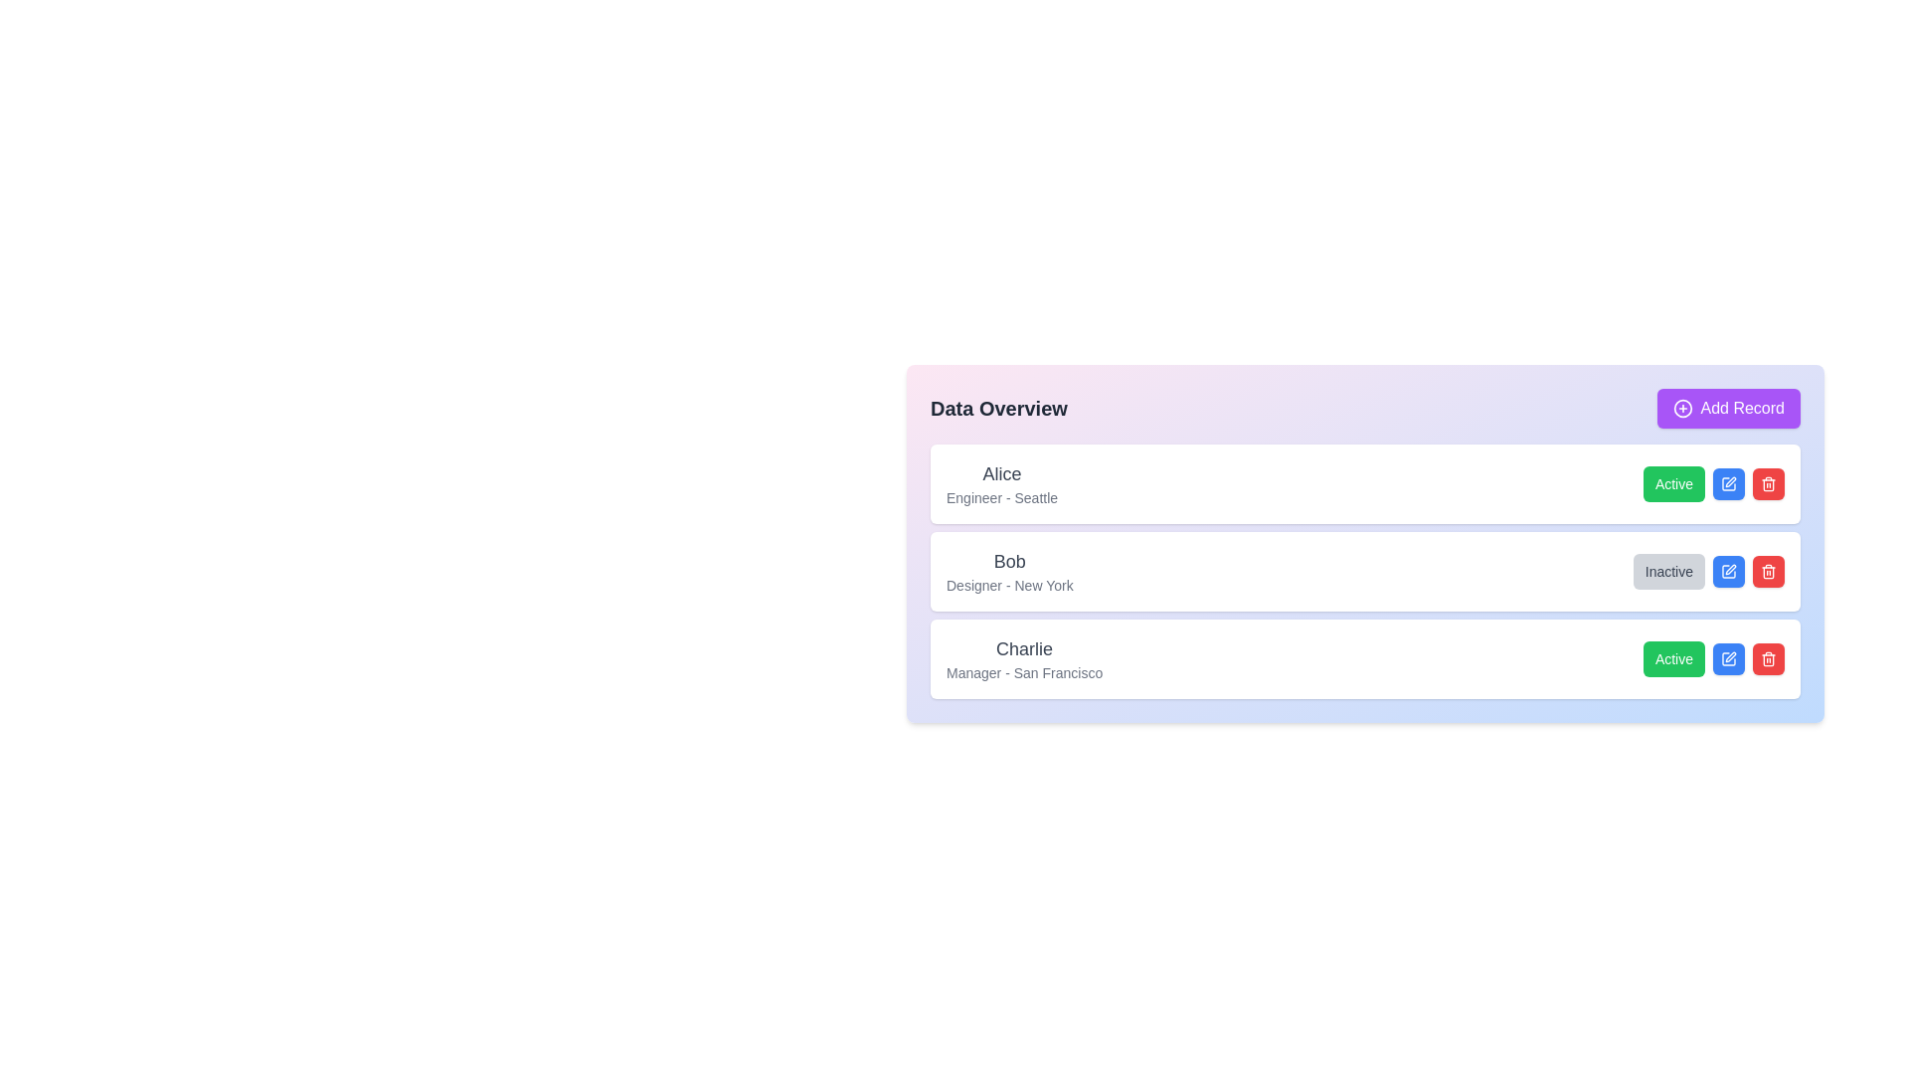 The width and height of the screenshot is (1909, 1074). What do you see at coordinates (1769, 571) in the screenshot?
I see `the delete button with a red background and white text, located in the bottom right corner of the 'Inactive' status row` at bounding box center [1769, 571].